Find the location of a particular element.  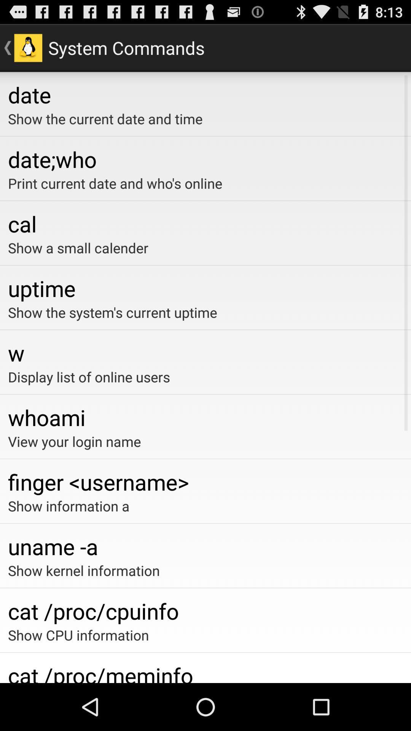

icon above the view your login icon is located at coordinates (205, 417).